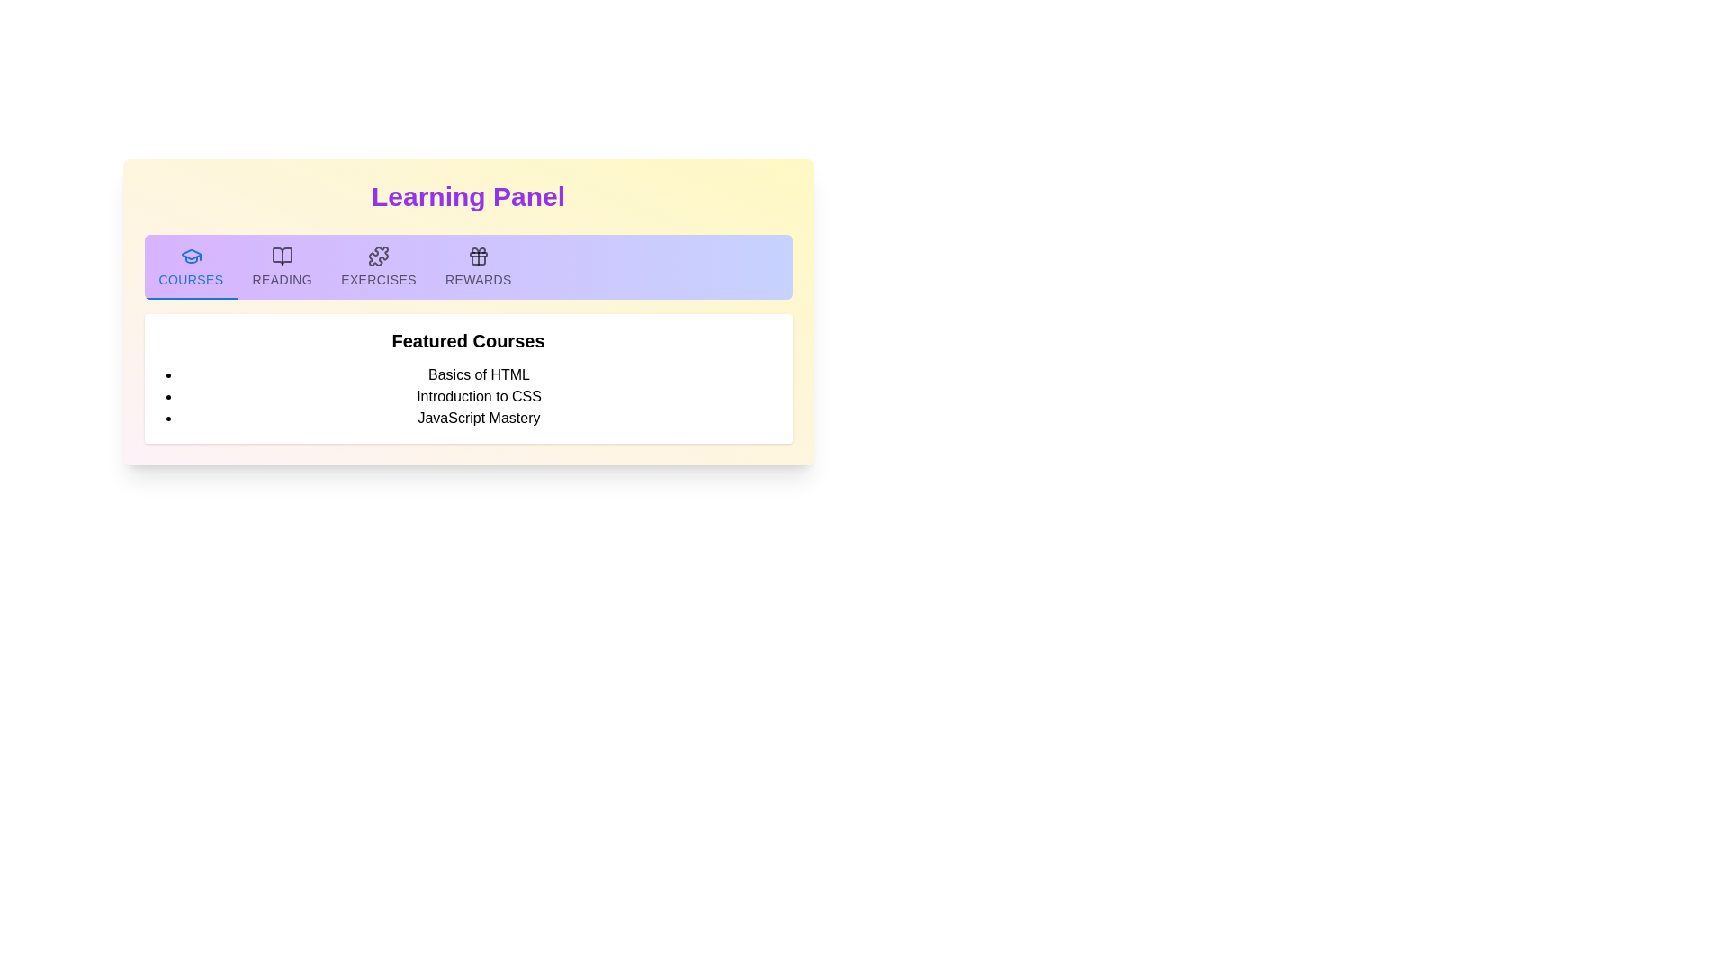 This screenshot has width=1728, height=972. What do you see at coordinates (281, 256) in the screenshot?
I see `the 'Reading' icon, which is the second icon in a horizontal row of icons at the top of the interface` at bounding box center [281, 256].